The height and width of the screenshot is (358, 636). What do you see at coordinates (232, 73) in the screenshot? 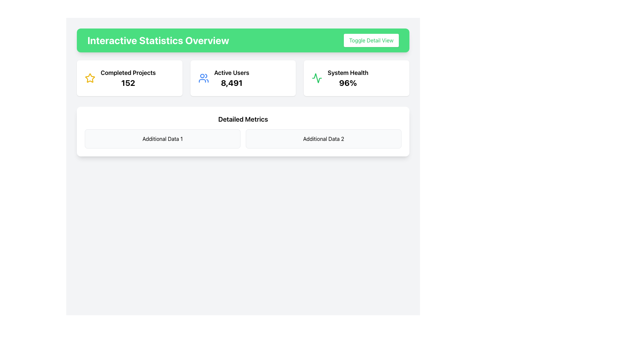
I see `the 'Active Users' label, which displays the text in a bold font above the number '8,491' and is positioned centrally in the top row of information boxes` at bounding box center [232, 73].